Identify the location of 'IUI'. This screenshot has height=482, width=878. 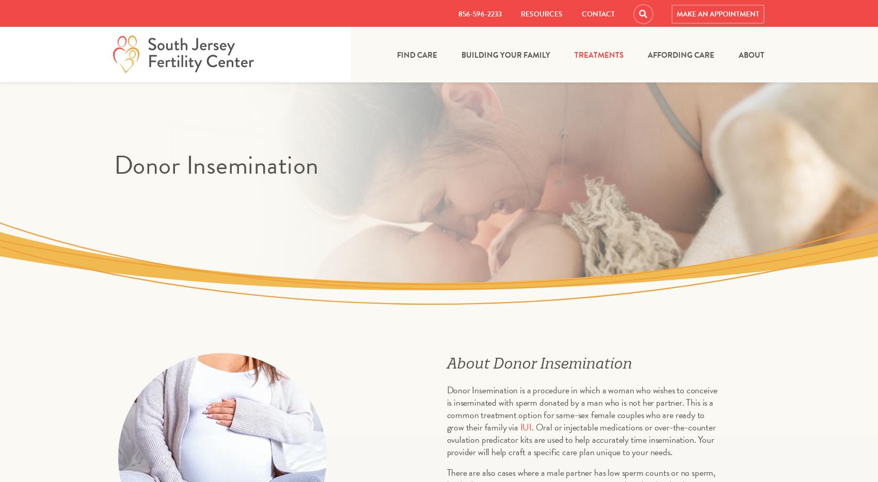
(525, 426).